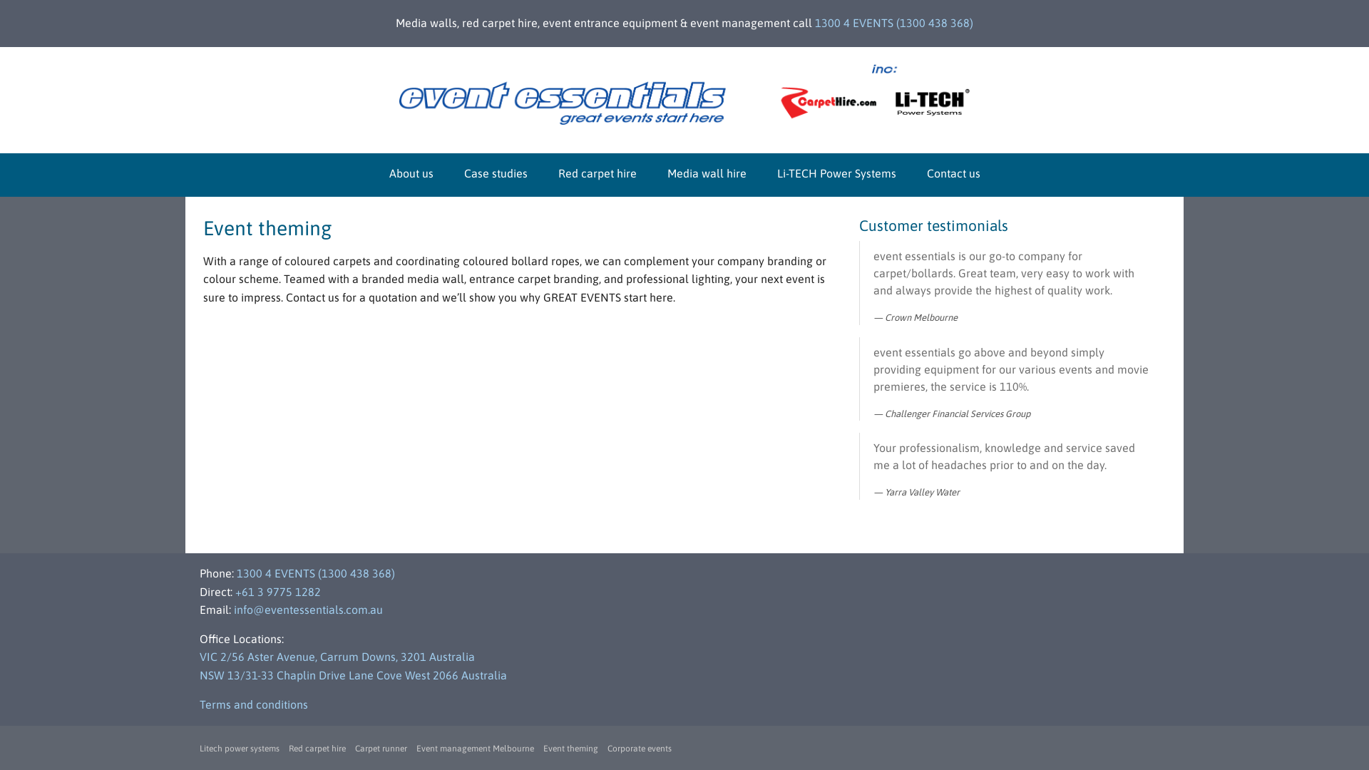  What do you see at coordinates (495, 173) in the screenshot?
I see `'Case studies'` at bounding box center [495, 173].